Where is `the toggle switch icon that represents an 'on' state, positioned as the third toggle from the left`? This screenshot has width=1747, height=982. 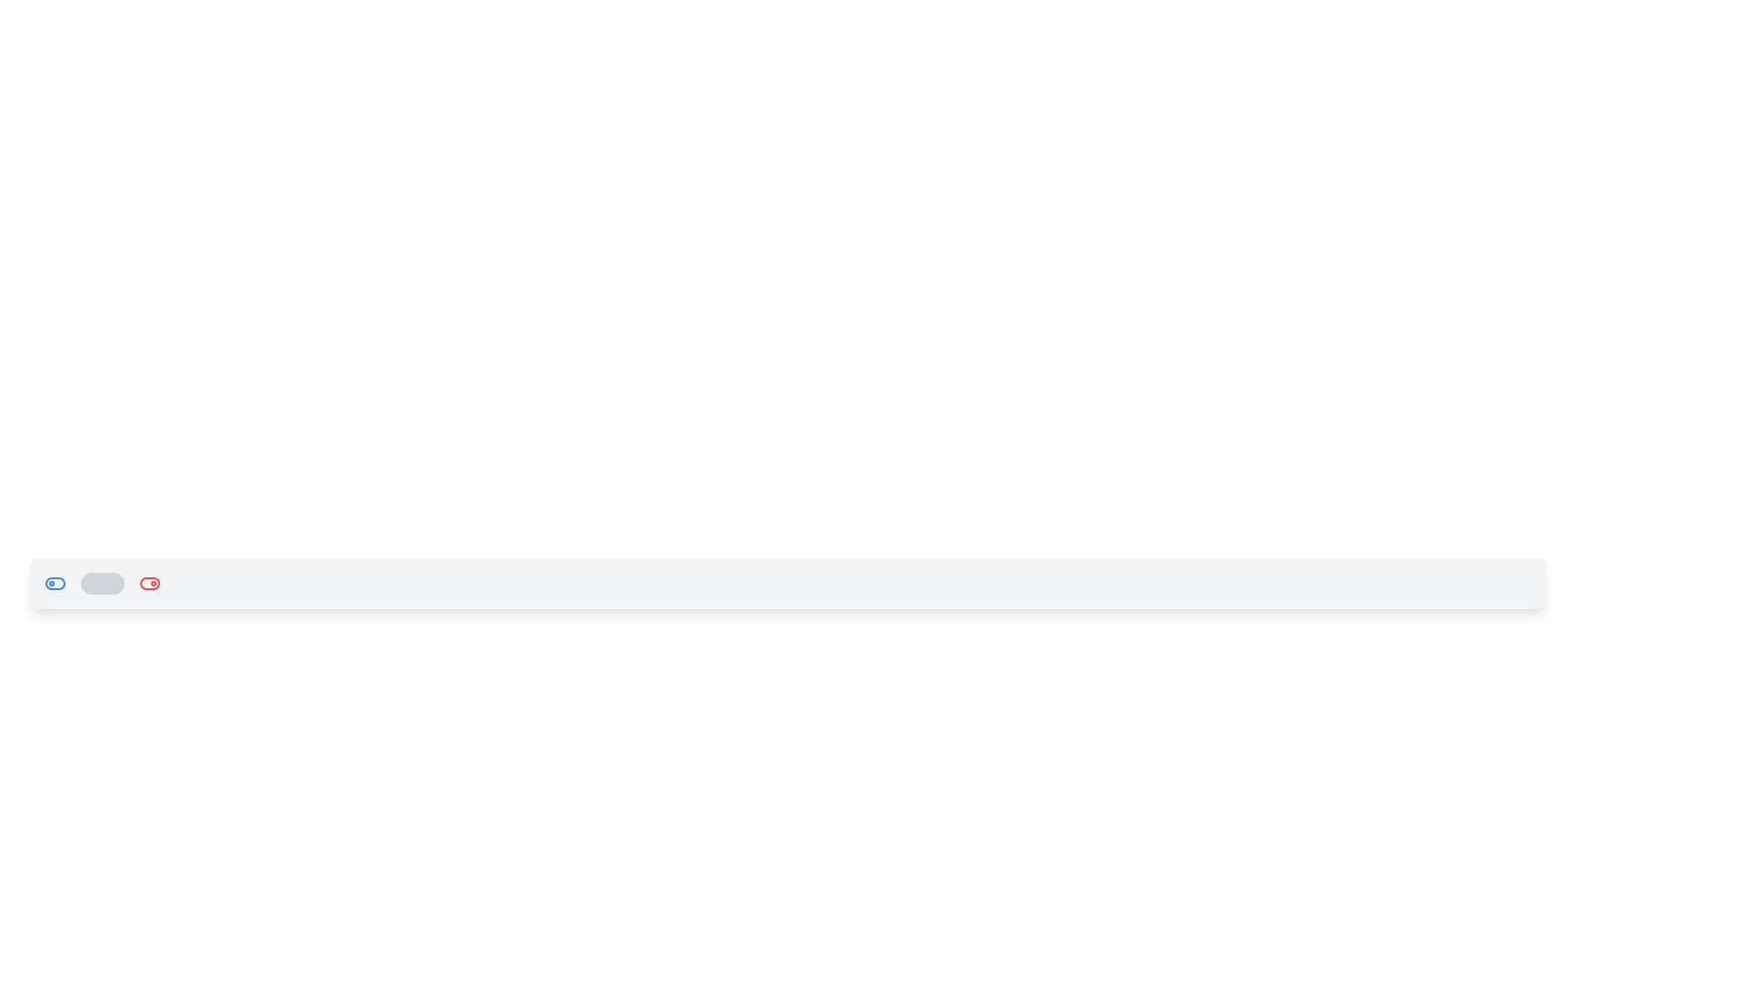 the toggle switch icon that represents an 'on' state, positioned as the third toggle from the left is located at coordinates (149, 583).